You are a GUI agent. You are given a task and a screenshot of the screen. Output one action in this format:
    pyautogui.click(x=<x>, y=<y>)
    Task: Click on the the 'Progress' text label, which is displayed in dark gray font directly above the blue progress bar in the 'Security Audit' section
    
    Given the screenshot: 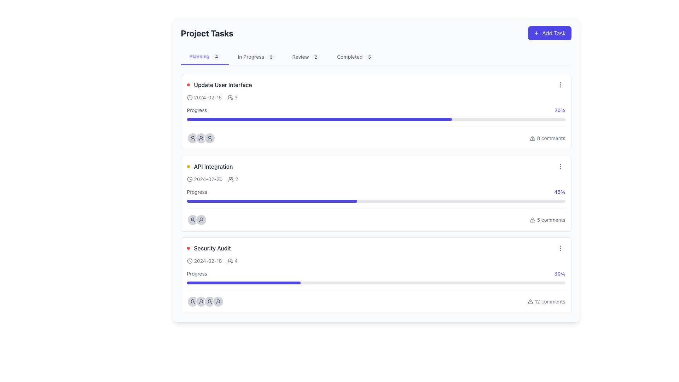 What is the action you would take?
    pyautogui.click(x=197, y=273)
    